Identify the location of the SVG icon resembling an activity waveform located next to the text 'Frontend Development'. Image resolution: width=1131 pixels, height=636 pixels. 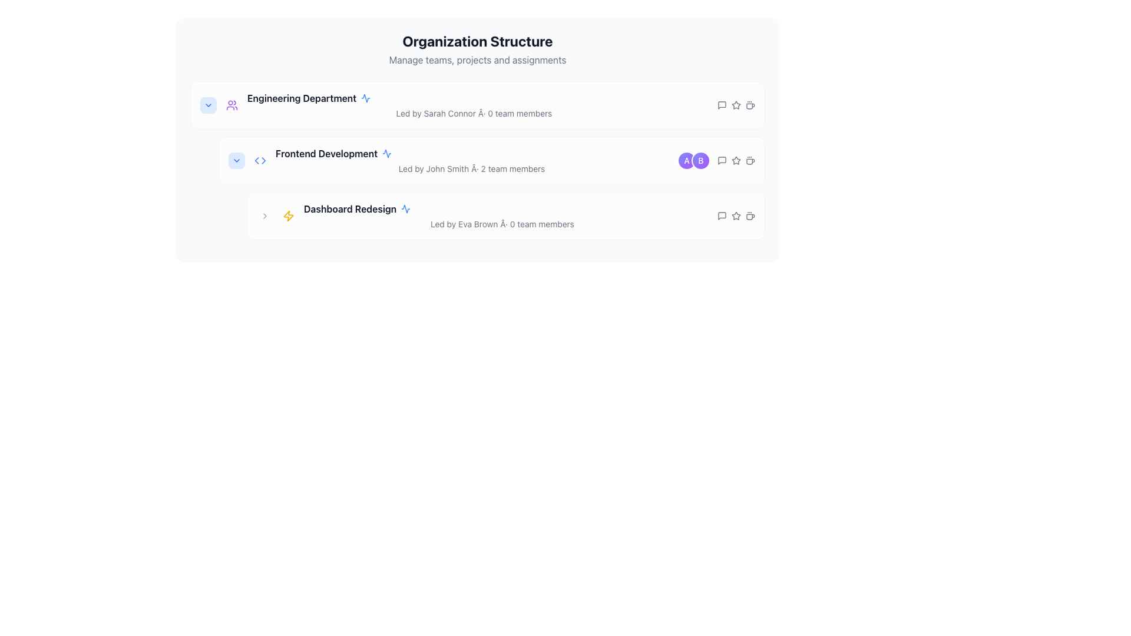
(387, 153).